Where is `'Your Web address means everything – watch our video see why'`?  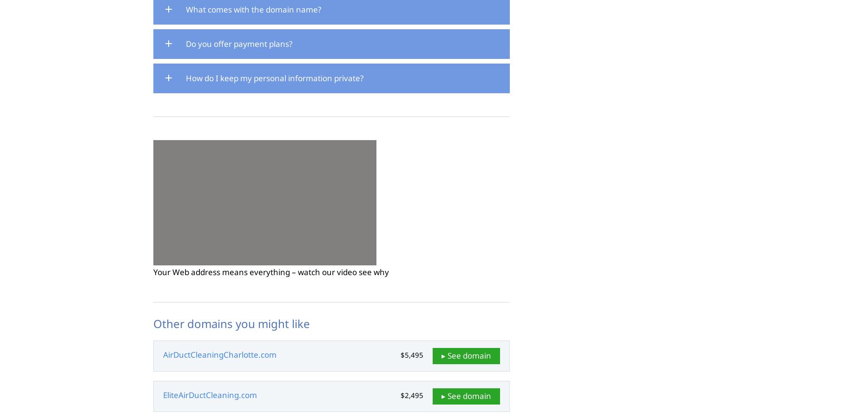
'Your Web address means everything – watch our video see why' is located at coordinates (270, 271).